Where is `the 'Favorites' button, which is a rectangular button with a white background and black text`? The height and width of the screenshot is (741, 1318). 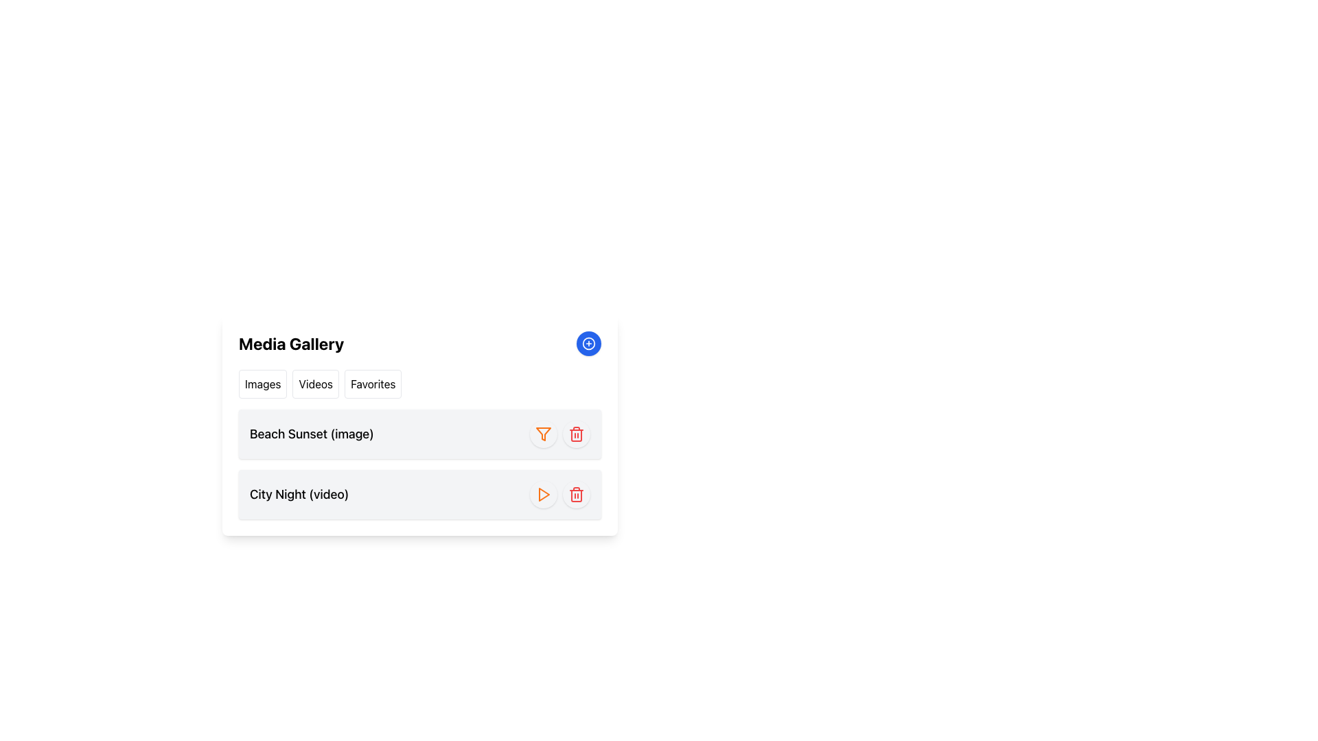
the 'Favorites' button, which is a rectangular button with a white background and black text is located at coordinates (373, 384).